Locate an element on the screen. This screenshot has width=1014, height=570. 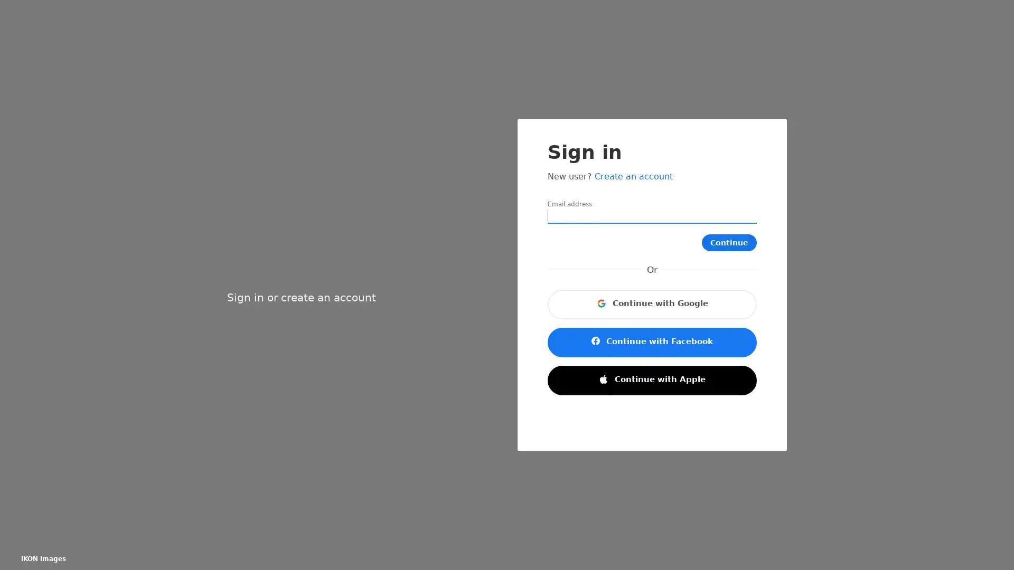
Continue with Google is located at coordinates (651, 305).